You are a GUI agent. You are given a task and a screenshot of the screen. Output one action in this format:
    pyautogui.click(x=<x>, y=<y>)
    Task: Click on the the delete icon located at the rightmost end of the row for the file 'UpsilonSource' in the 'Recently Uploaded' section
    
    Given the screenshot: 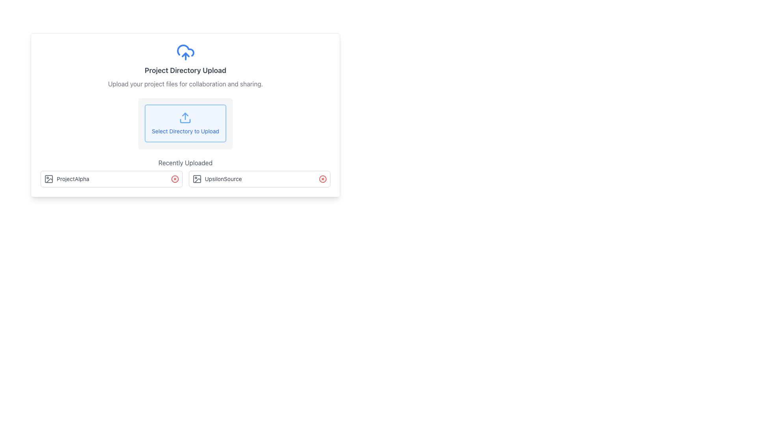 What is the action you would take?
    pyautogui.click(x=323, y=179)
    